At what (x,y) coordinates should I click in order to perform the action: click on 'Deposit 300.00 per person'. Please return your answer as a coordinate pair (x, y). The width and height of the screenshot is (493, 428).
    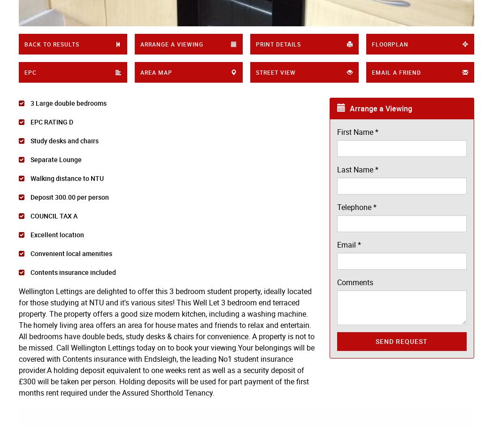
    Looking at the image, I should click on (69, 196).